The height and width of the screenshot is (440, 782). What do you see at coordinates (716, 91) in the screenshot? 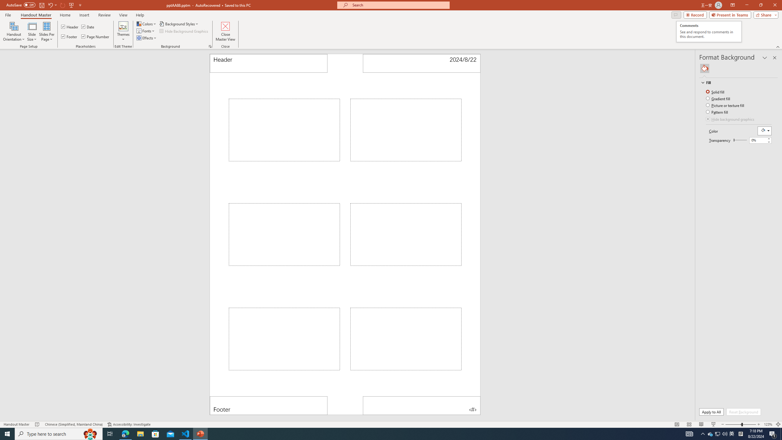
I see `'Solid fill'` at bounding box center [716, 91].